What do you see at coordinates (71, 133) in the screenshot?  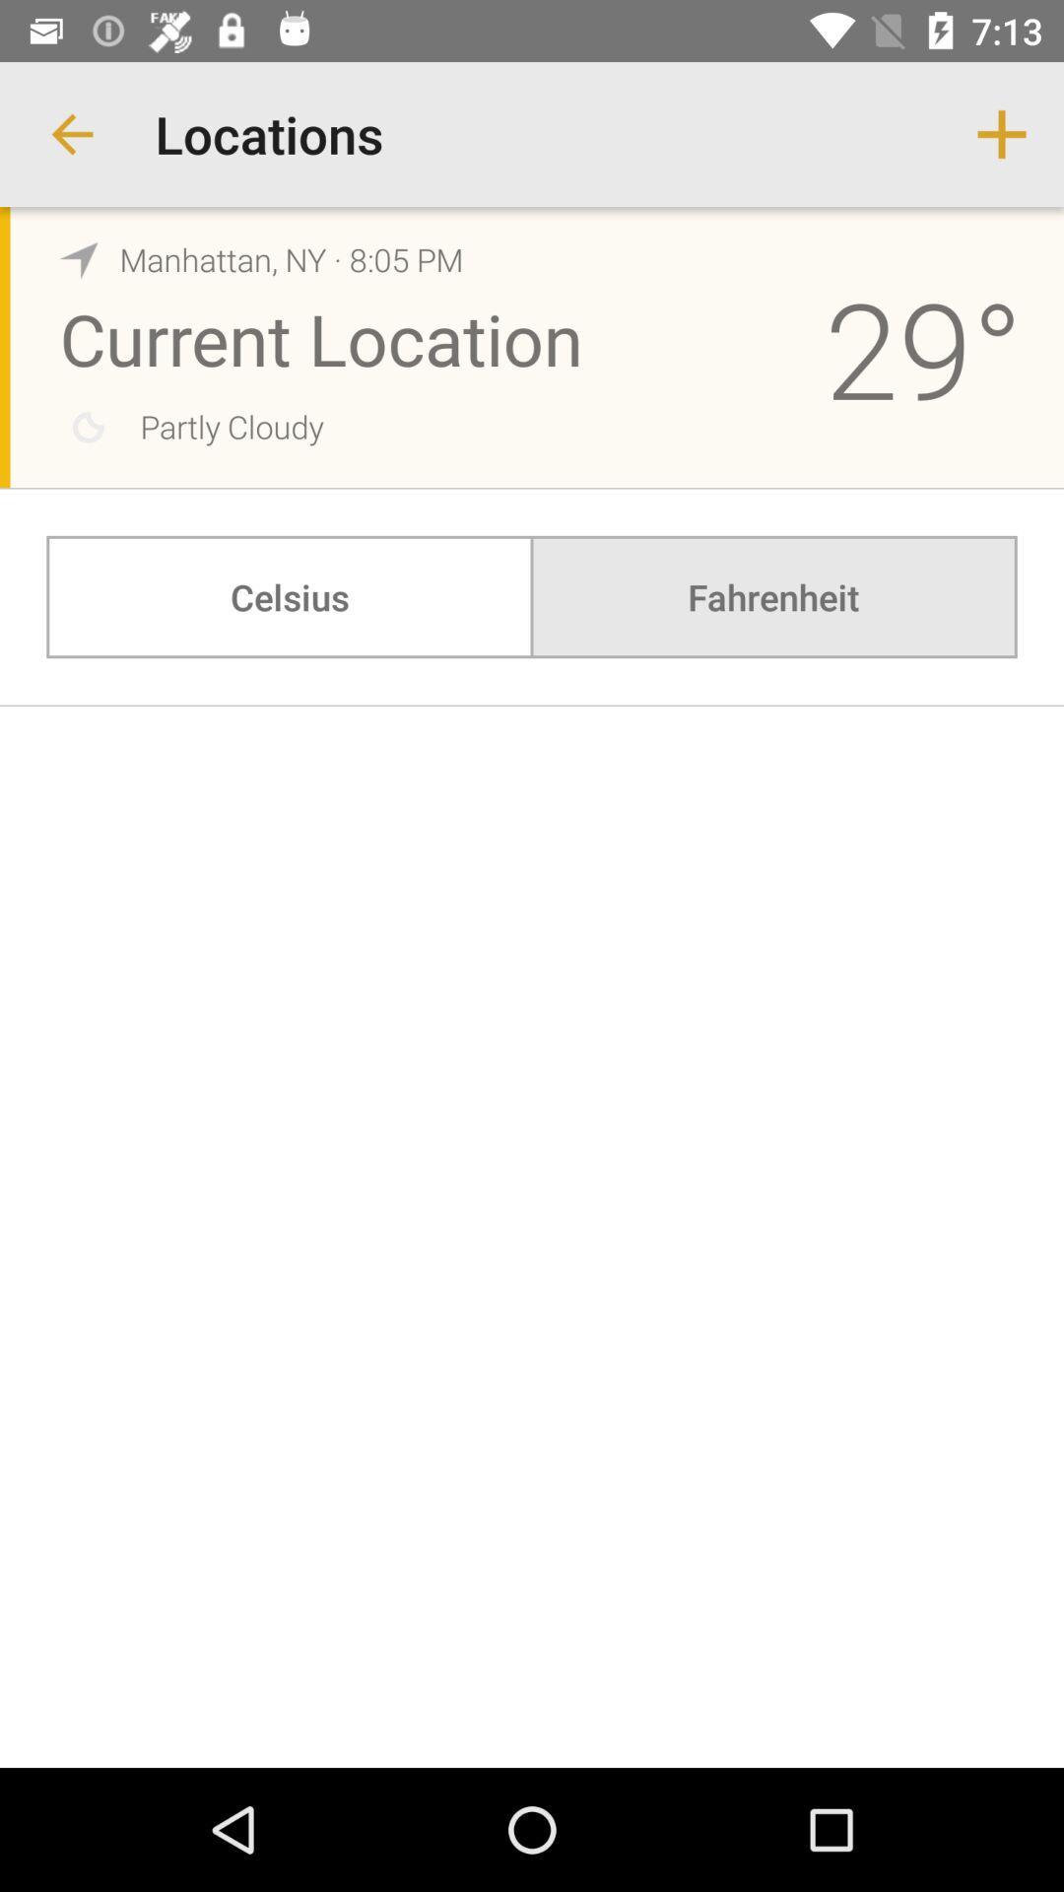 I see `app to the left of locations item` at bounding box center [71, 133].